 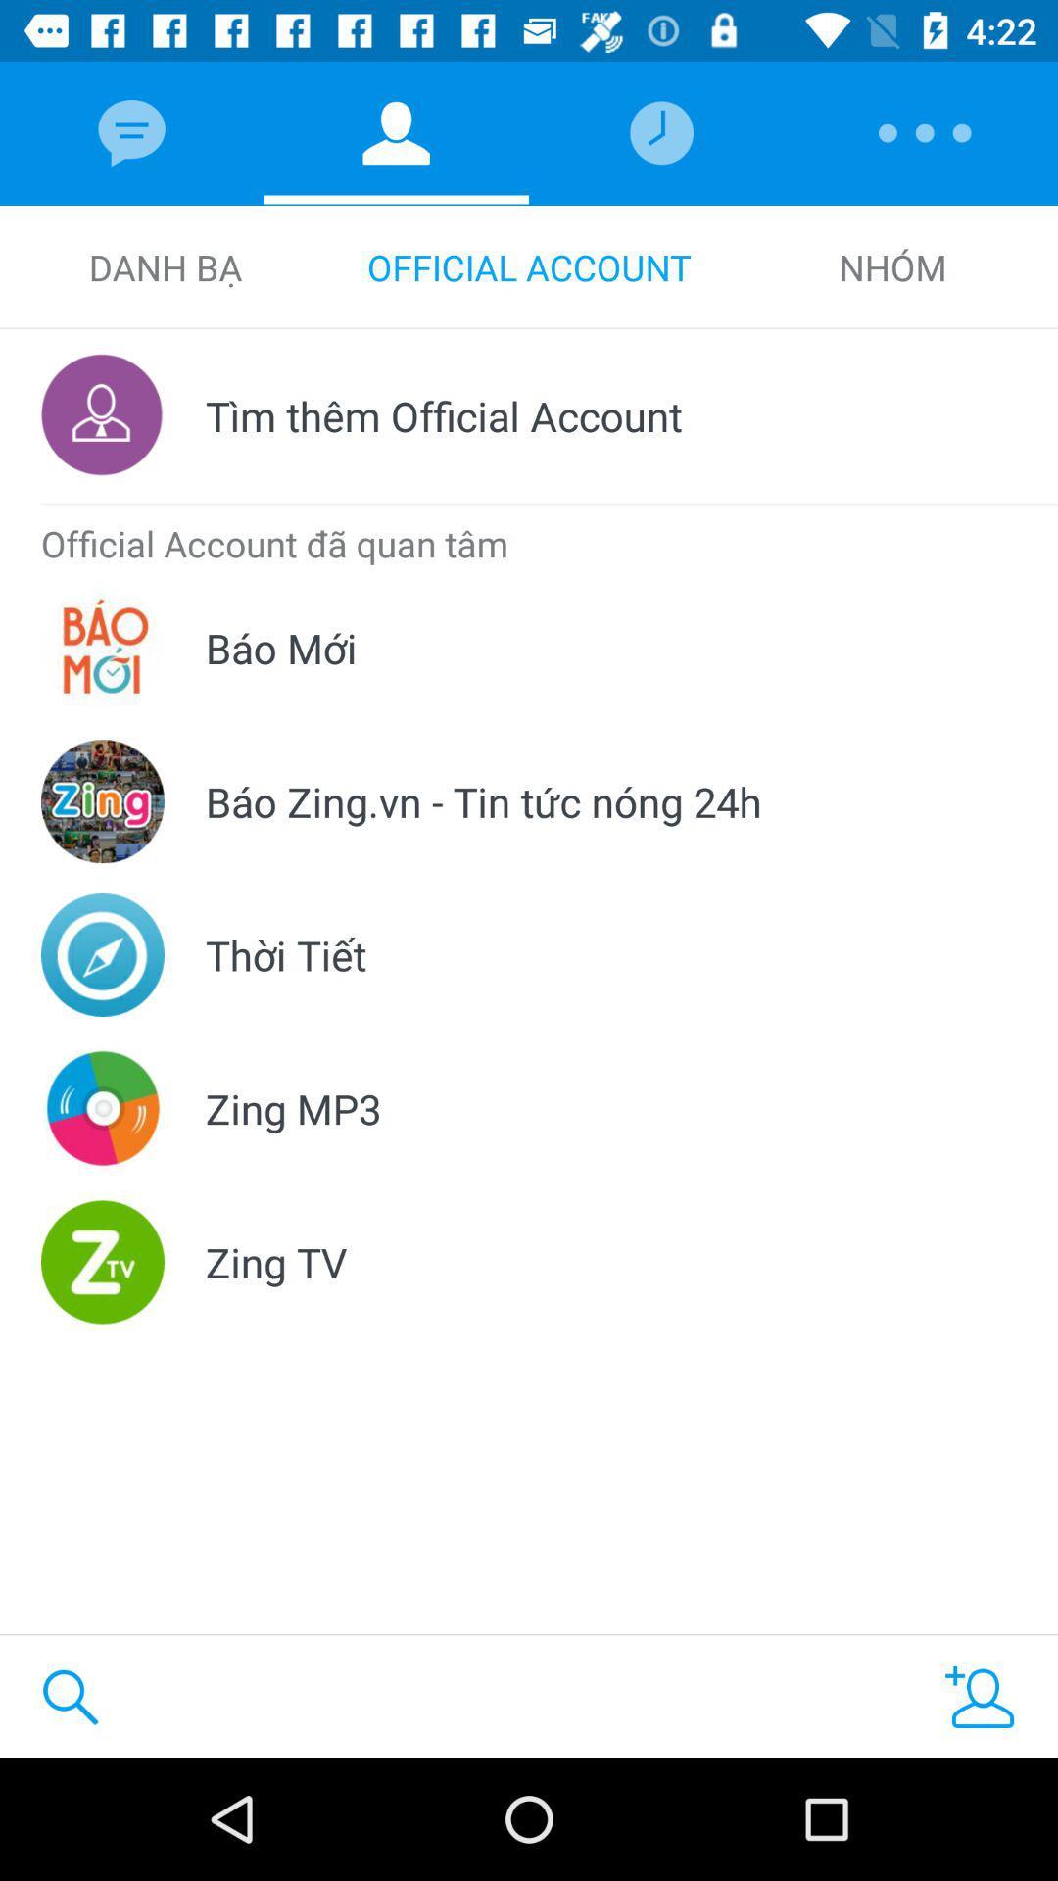 I want to click on the item next to official account item, so click(x=164, y=266).